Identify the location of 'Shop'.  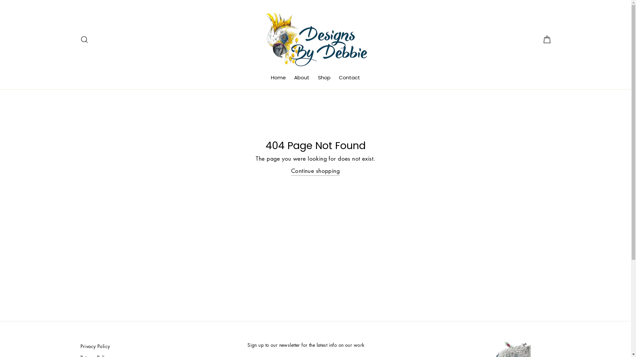
(324, 77).